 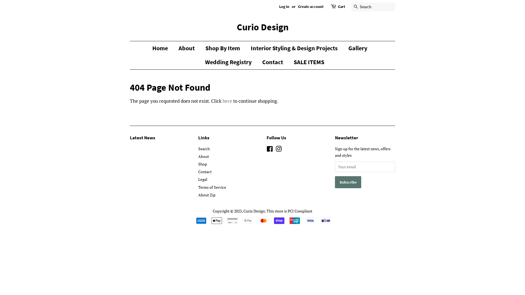 I want to click on 'About Zip', so click(x=206, y=194).